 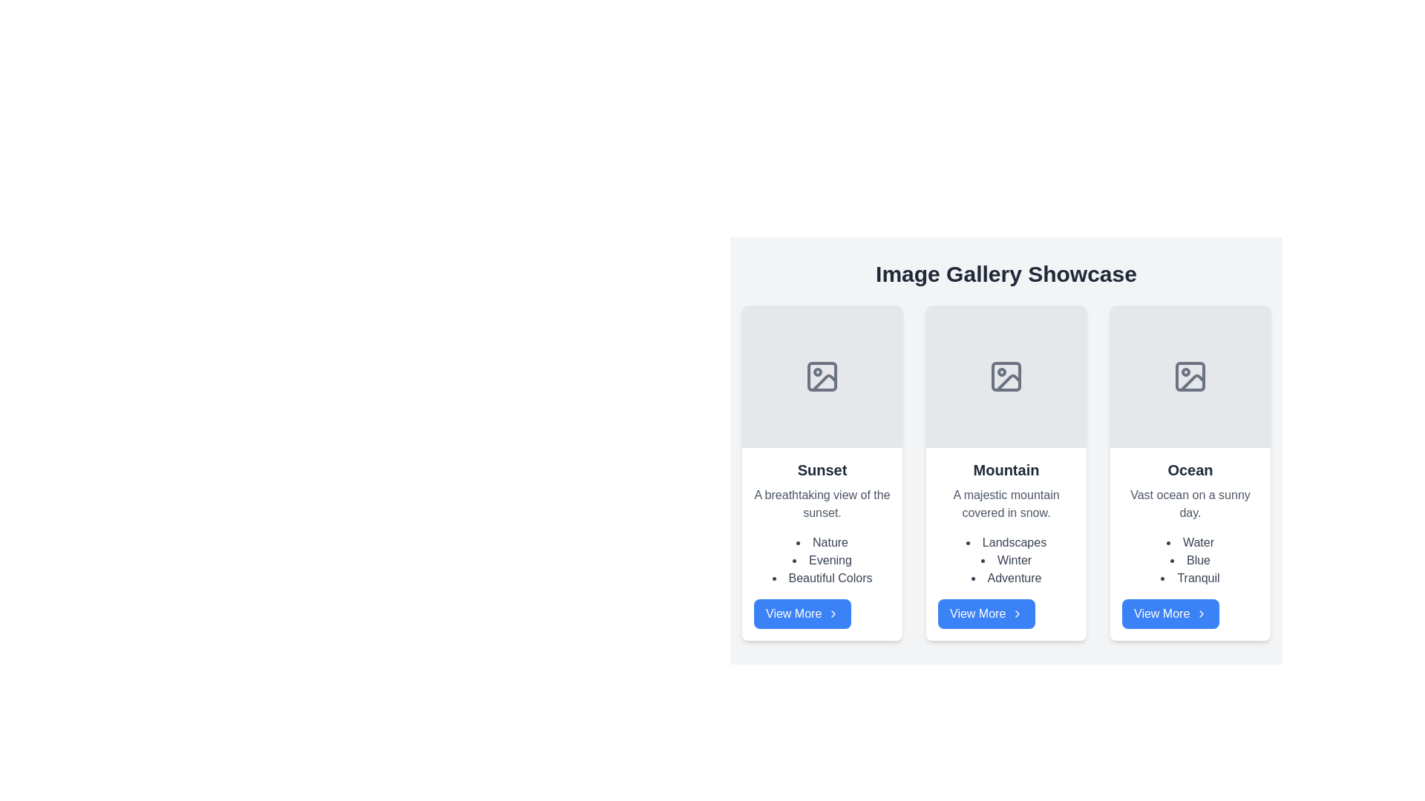 I want to click on the Decorative icon or vector graphic located at the top-center area of the leftmost card in a horizontally aligned grid, directly above the title 'Sunset', so click(x=822, y=376).